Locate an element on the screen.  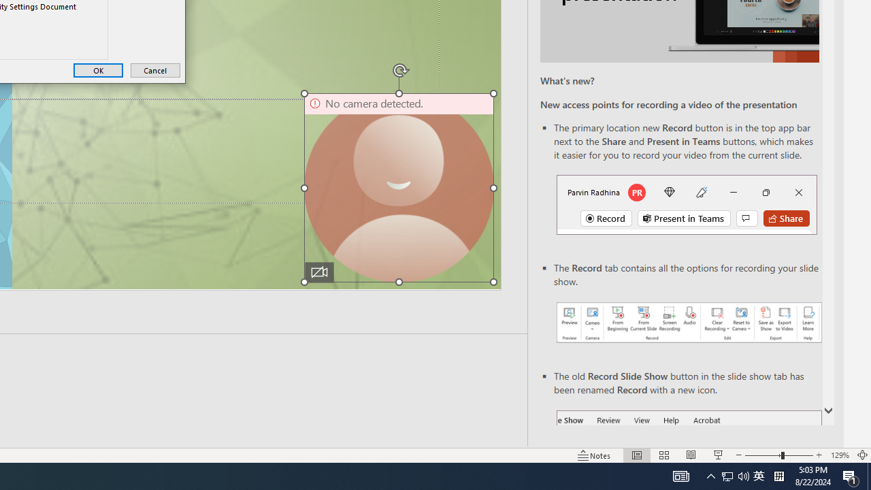
'Cancel' is located at coordinates (155, 70).